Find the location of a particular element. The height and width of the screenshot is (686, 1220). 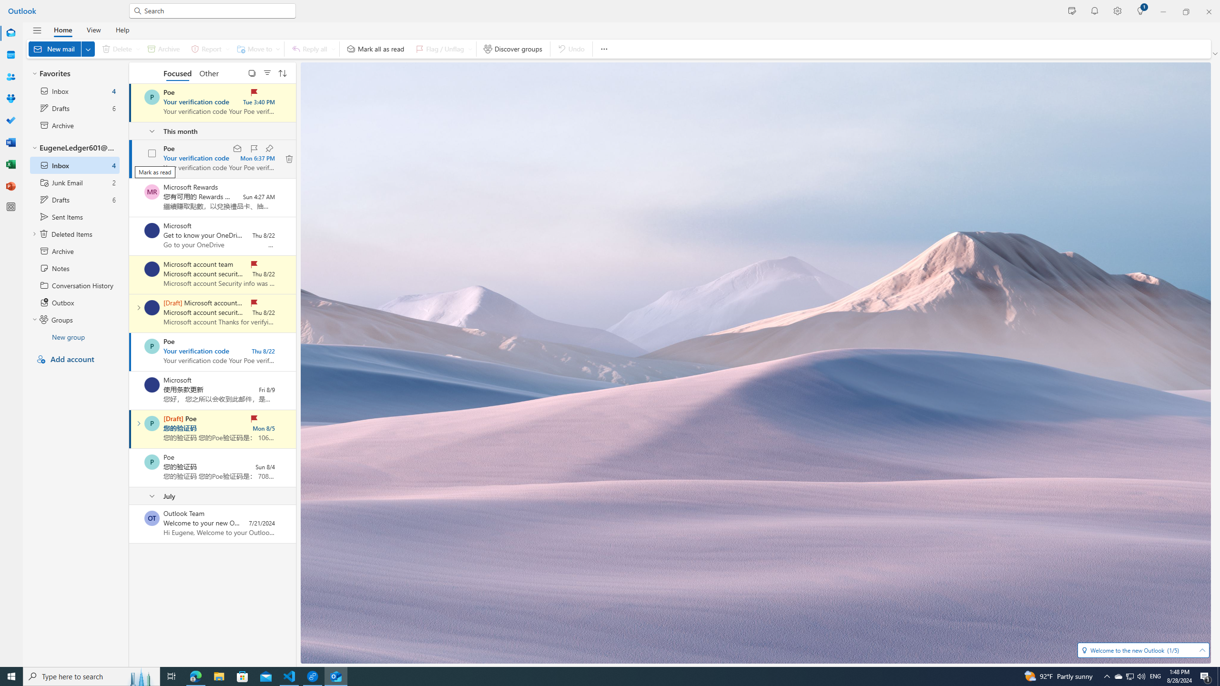

'Microsoft' is located at coordinates (151, 384).